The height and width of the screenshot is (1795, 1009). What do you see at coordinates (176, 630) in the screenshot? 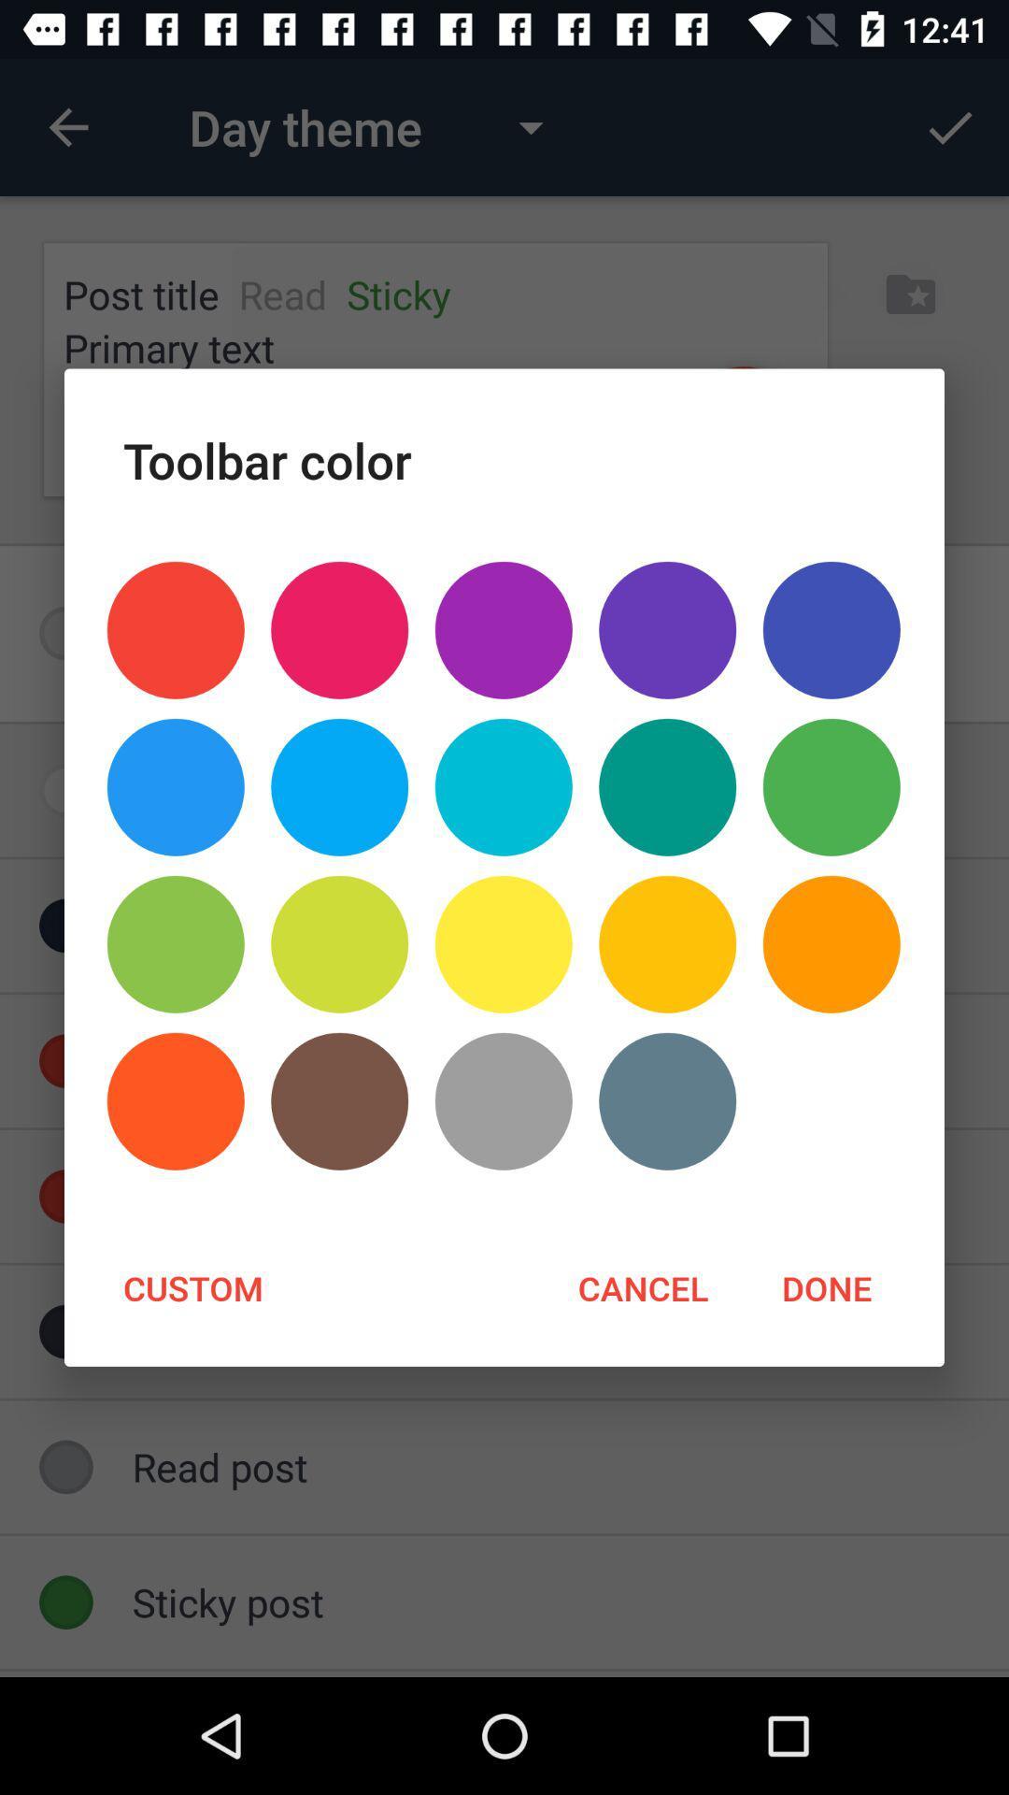
I see `item below toolbar color` at bounding box center [176, 630].